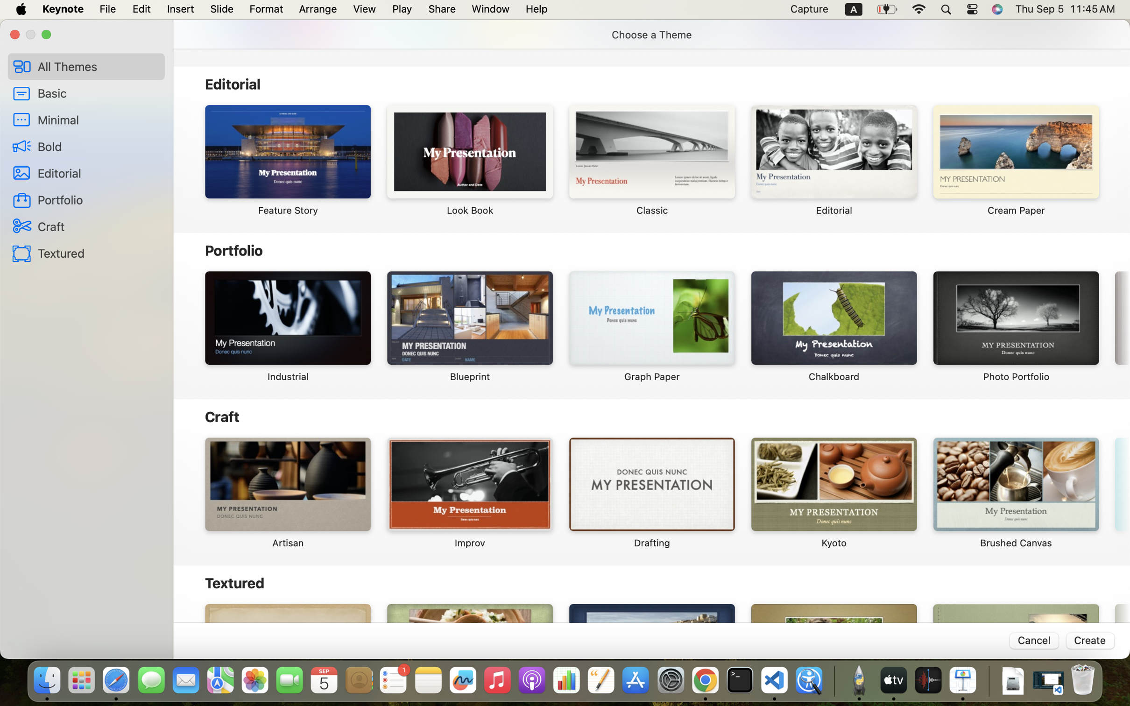 The width and height of the screenshot is (1130, 706). I want to click on 'Basic', so click(97, 93).